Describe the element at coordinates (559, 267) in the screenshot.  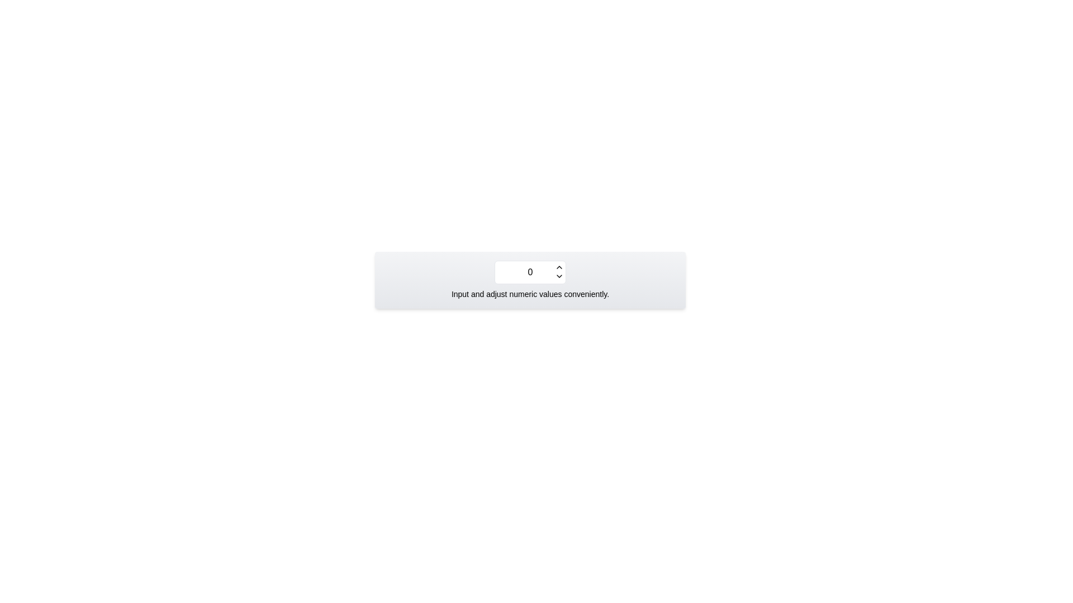
I see `the upward chevron button located to the right of the numeric input field to increment the displayed number` at that location.